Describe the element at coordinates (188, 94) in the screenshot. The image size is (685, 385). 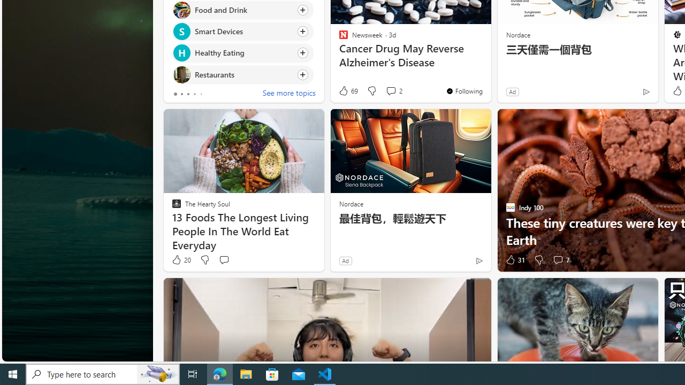
I see `'tab-2'` at that location.